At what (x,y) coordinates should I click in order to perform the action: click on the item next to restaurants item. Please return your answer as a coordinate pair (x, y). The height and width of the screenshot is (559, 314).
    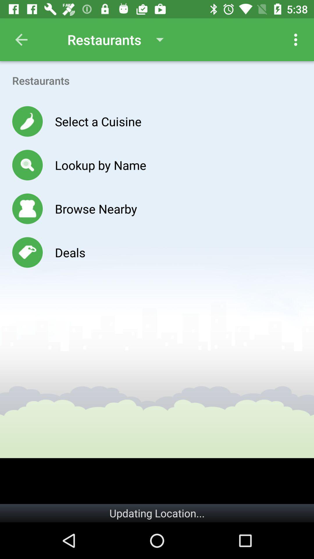
    Looking at the image, I should click on (21, 39).